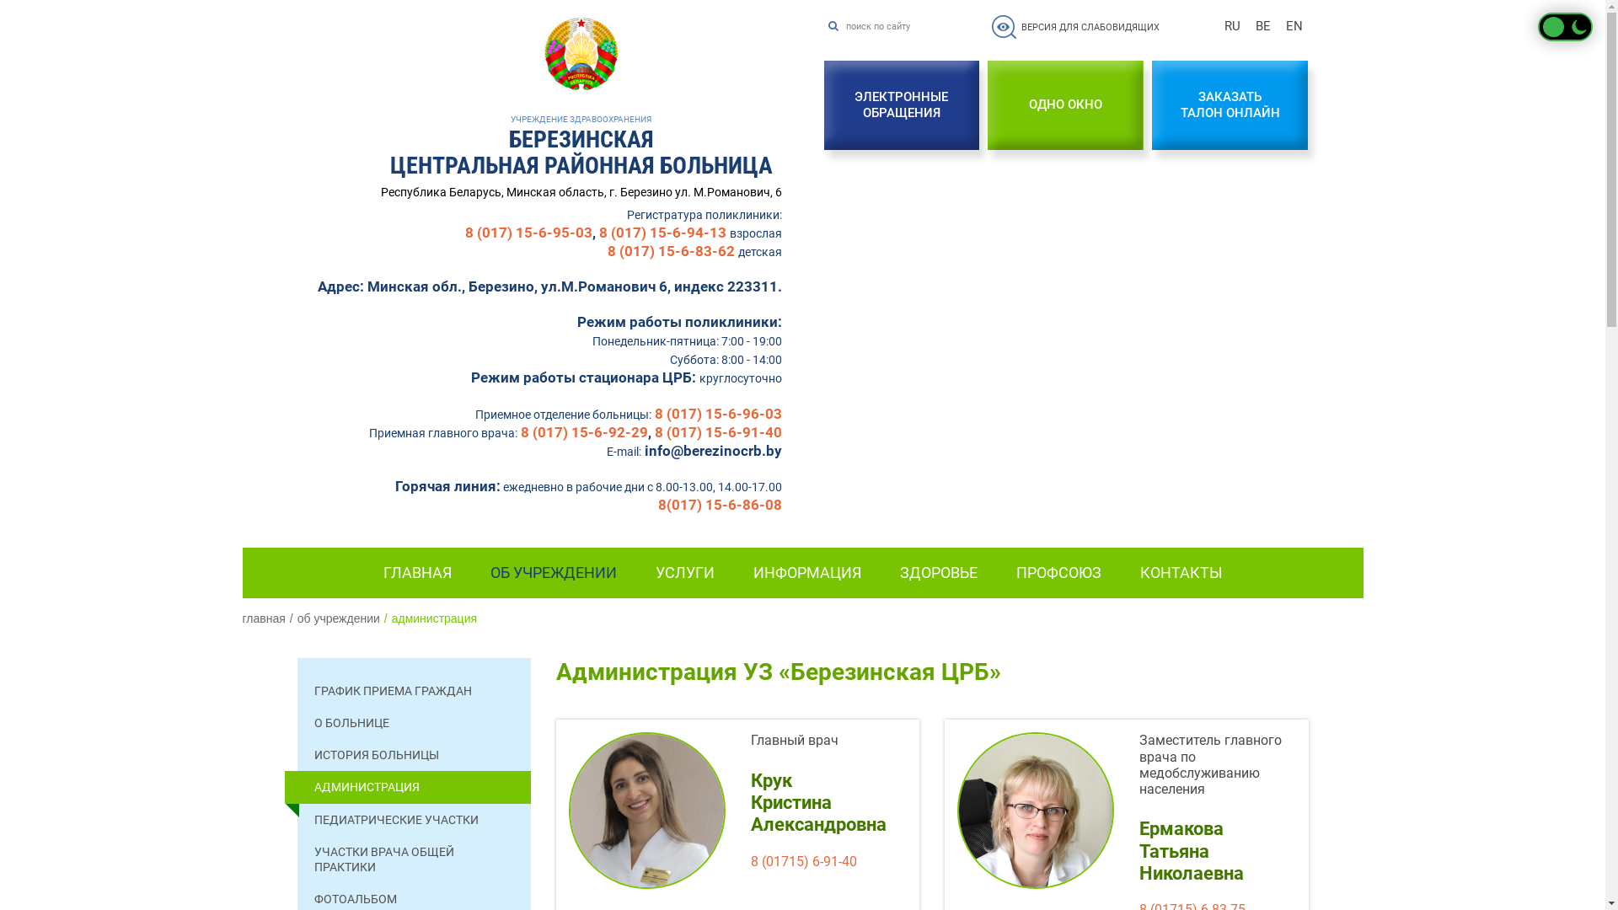 Image resolution: width=1618 pixels, height=910 pixels. I want to click on '8(017) 15-6-86-08', so click(656, 503).